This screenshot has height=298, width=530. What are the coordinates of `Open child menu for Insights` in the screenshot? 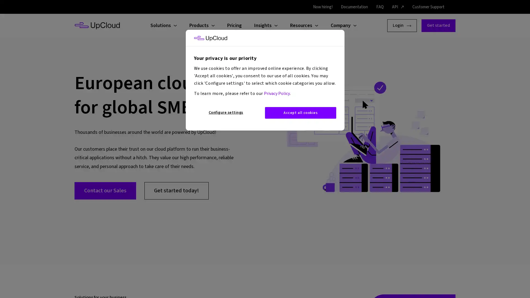 It's located at (276, 25).